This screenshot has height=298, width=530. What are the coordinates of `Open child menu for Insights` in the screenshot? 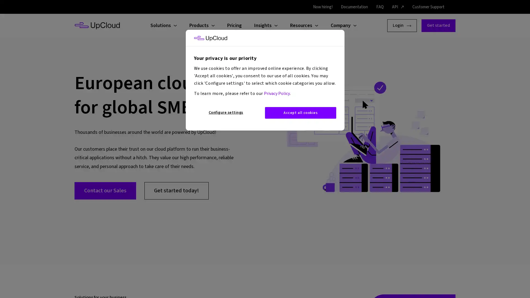 It's located at (276, 25).